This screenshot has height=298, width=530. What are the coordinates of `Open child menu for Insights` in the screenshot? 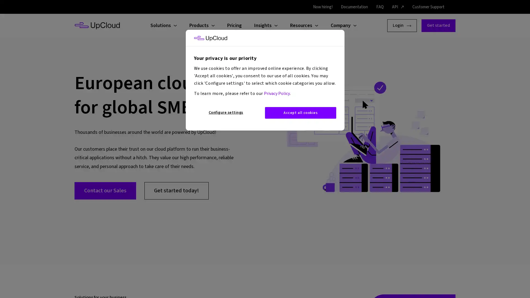 It's located at (276, 25).